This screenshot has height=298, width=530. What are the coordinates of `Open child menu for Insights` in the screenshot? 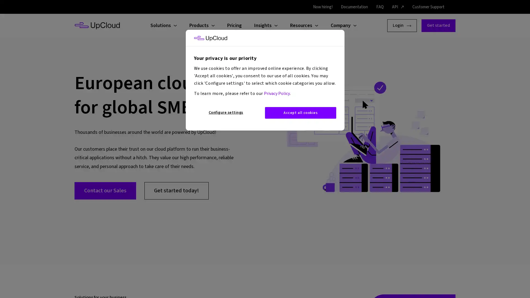 It's located at (276, 25).